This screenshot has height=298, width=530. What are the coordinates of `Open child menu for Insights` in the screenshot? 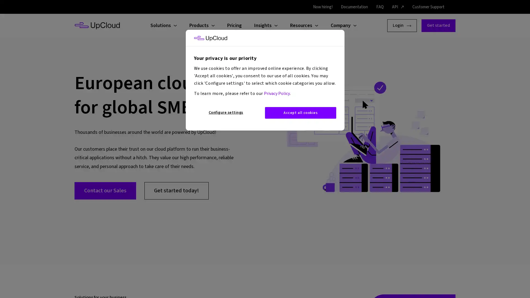 It's located at (276, 25).